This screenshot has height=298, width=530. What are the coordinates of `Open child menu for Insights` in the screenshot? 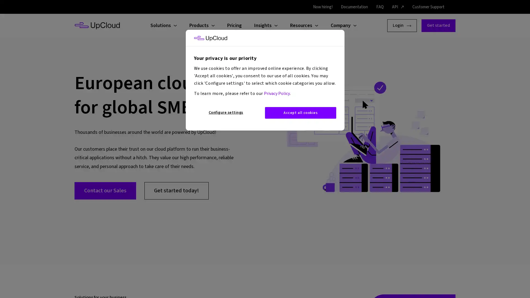 It's located at (276, 25).